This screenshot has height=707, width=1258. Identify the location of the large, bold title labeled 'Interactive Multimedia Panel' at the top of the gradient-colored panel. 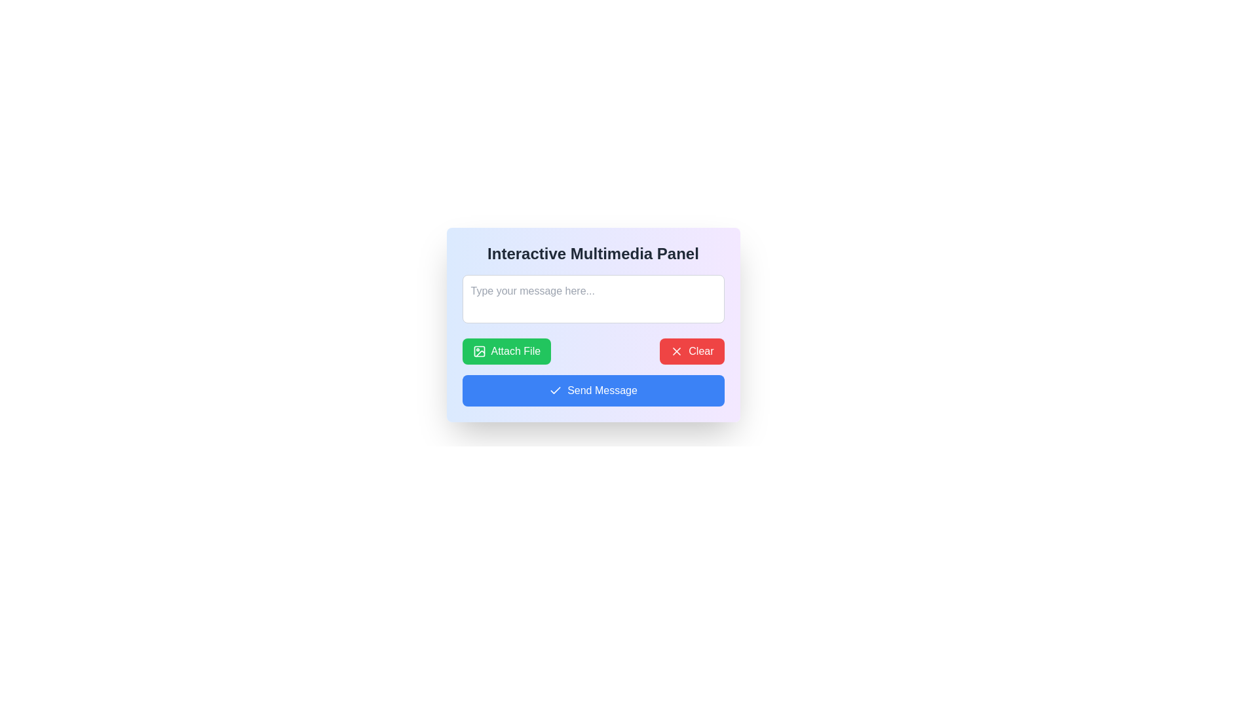
(592, 254).